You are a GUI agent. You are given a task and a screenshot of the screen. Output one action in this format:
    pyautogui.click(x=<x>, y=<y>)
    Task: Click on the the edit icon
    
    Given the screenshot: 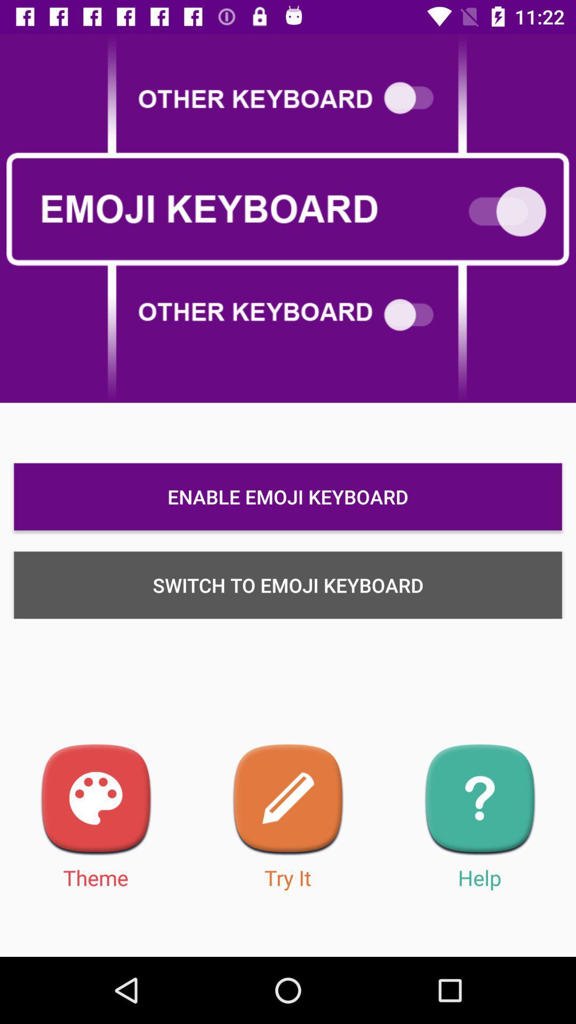 What is the action you would take?
    pyautogui.click(x=288, y=800)
    